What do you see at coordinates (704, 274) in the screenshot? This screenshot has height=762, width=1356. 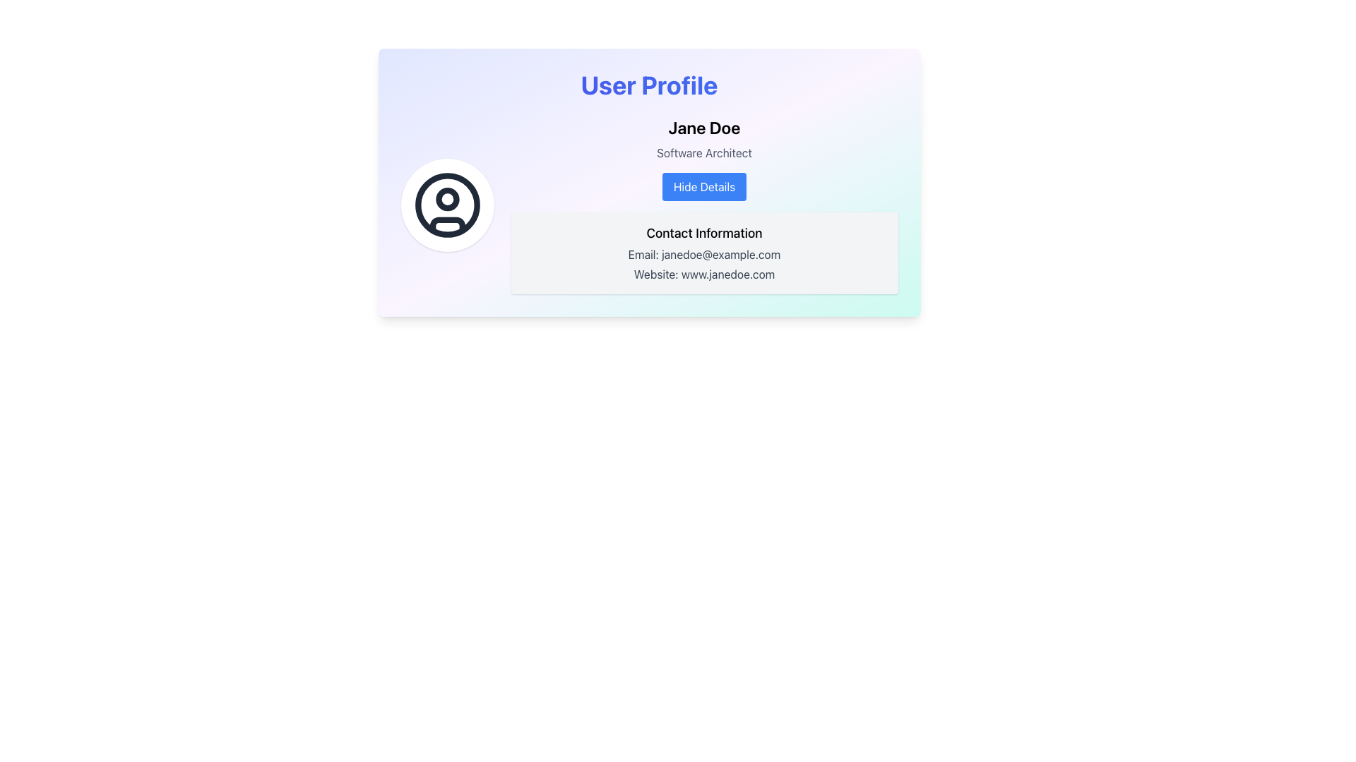 I see `the static text displaying 'Website: www.janedoe.com'` at bounding box center [704, 274].